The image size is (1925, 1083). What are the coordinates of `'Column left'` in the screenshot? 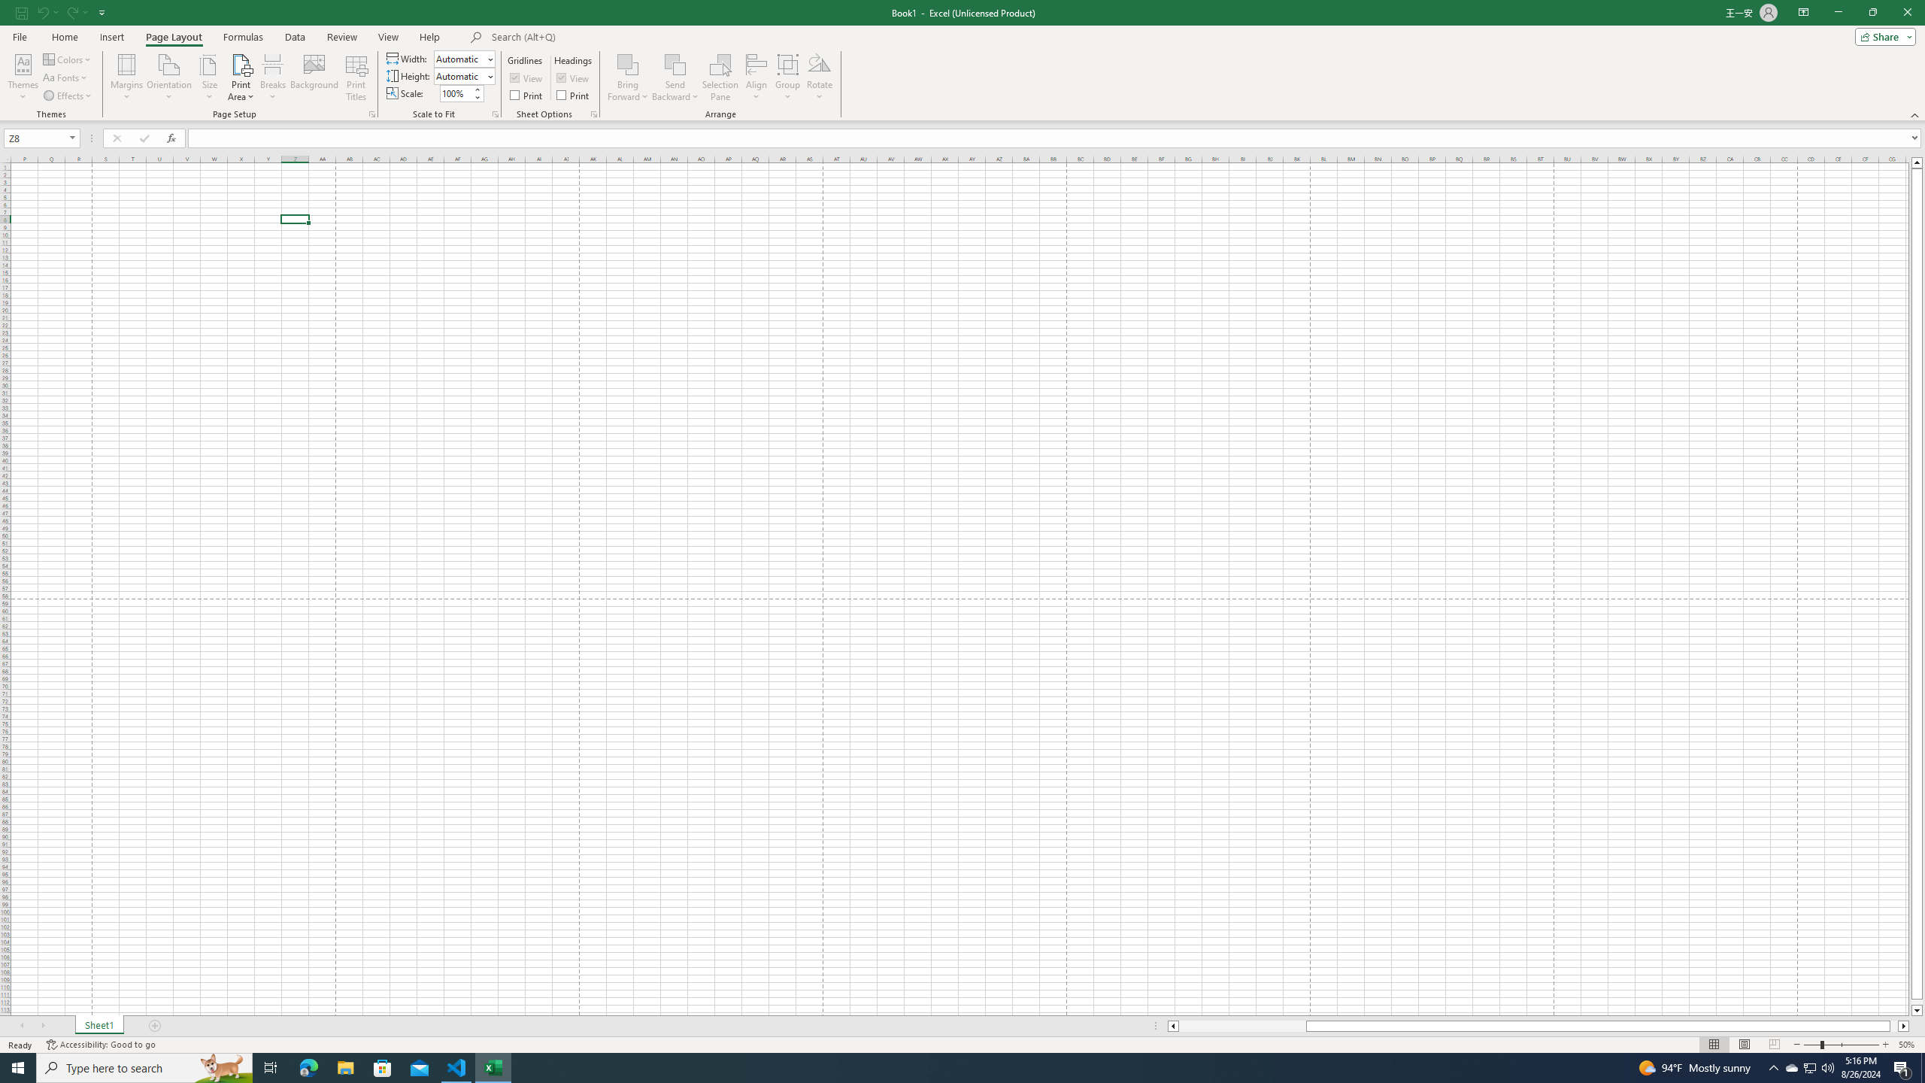 It's located at (1172, 1025).